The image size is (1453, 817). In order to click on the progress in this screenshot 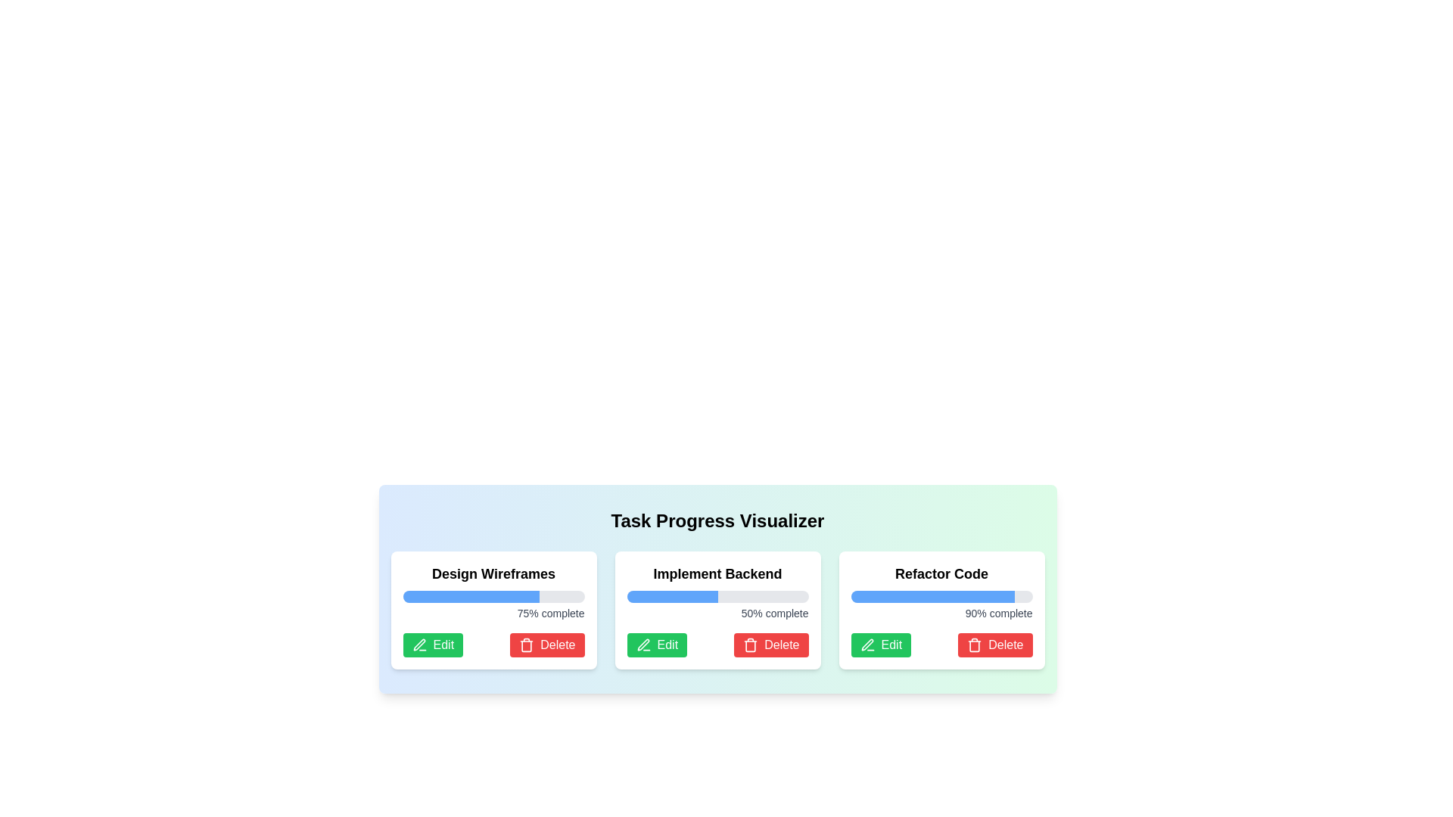, I will do `click(869, 596)`.